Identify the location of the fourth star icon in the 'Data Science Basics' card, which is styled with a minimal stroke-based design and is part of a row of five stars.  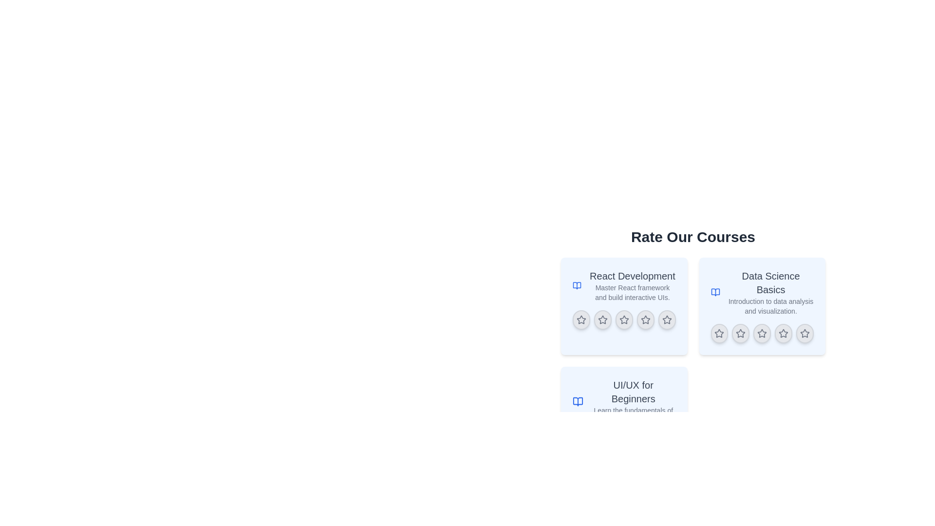
(762, 333).